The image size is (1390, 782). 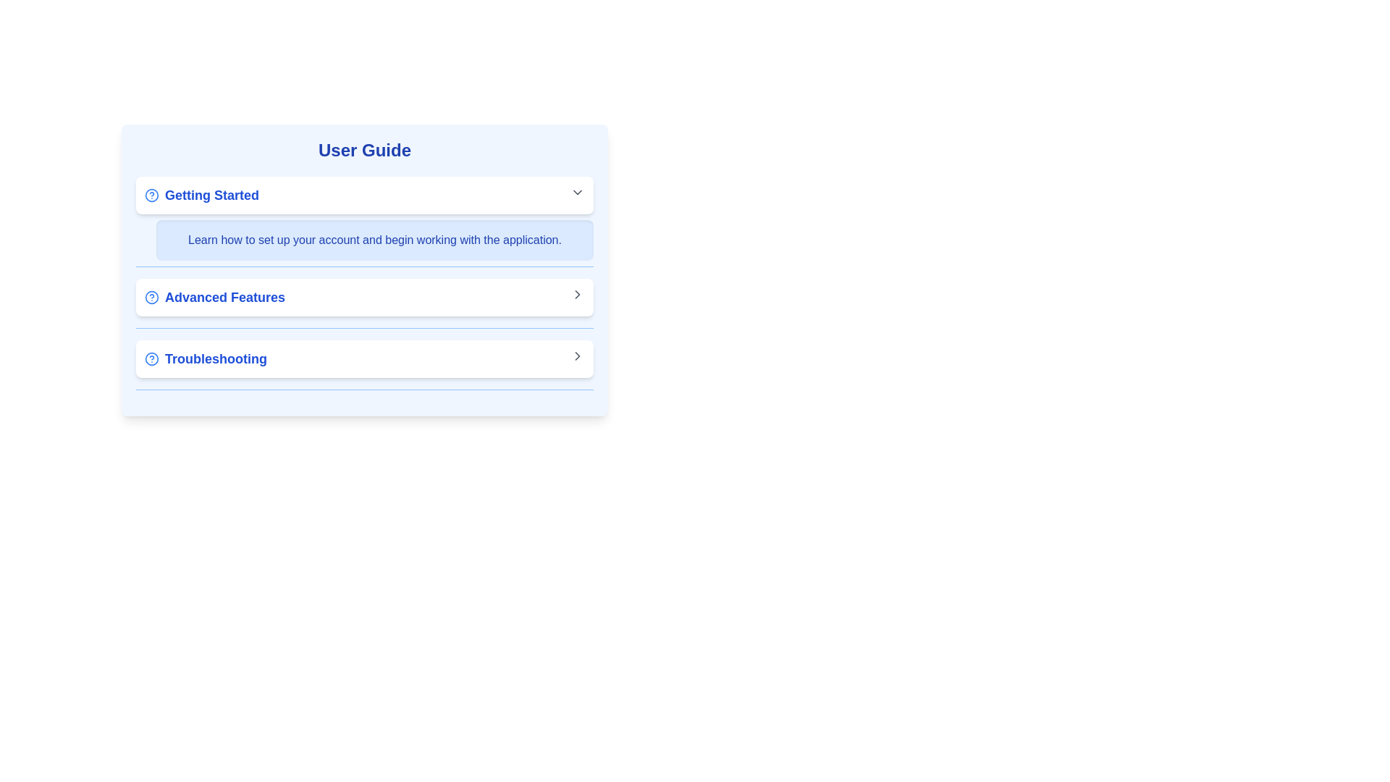 What do you see at coordinates (211, 195) in the screenshot?
I see `the text label displaying 'Getting Started', which is styled in bold, large blue font and is prominently positioned for user guidance` at bounding box center [211, 195].